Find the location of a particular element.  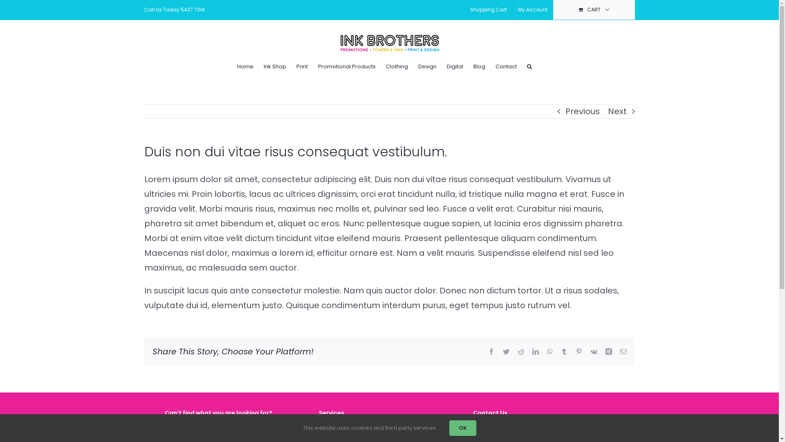

'My Account' is located at coordinates (532, 9).